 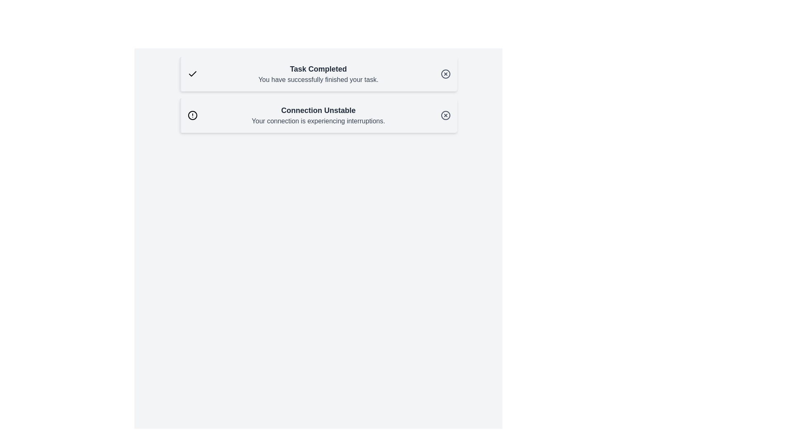 What do you see at coordinates (318, 73) in the screenshot?
I see `the notification message text block that indicates task completion, positioned between the checkmark icon and the close button` at bounding box center [318, 73].